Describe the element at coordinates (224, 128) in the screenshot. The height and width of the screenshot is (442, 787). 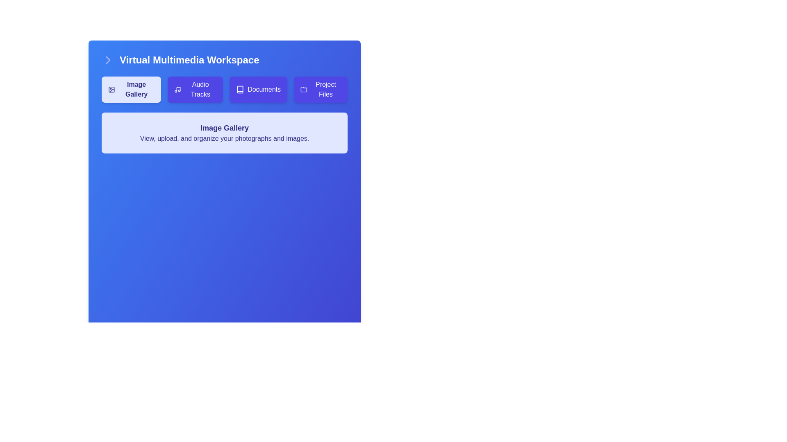
I see `the 'Image Gallery' label, which is a bold text label displayed above descriptive text in the central area of the interface` at that location.